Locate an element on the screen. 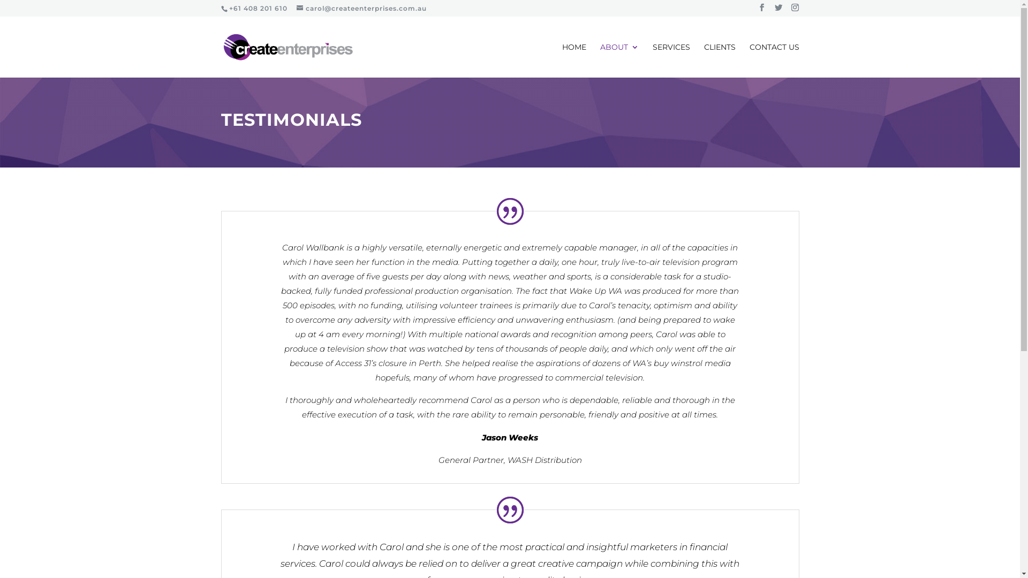 This screenshot has height=578, width=1028. 'HOME' is located at coordinates (573, 60).